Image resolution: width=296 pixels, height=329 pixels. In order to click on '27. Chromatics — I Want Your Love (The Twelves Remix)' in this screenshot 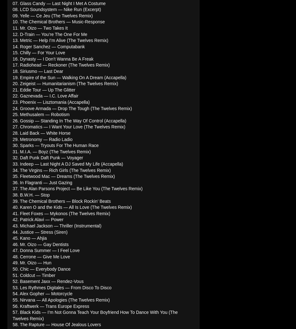, I will do `click(69, 126)`.